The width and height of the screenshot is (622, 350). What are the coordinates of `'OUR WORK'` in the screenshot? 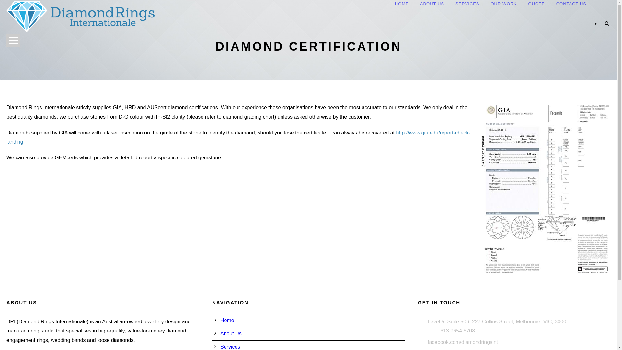 It's located at (490, 4).